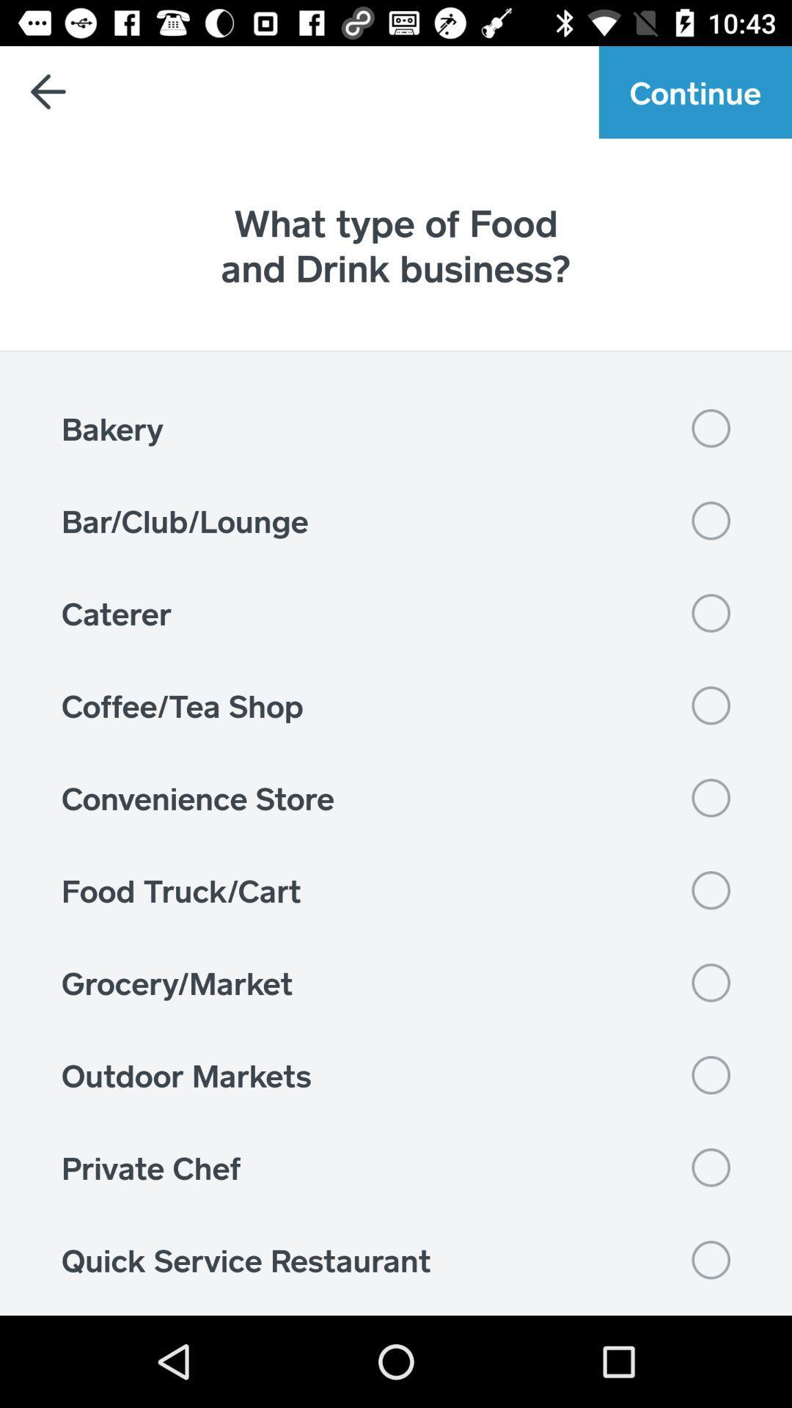 This screenshot has height=1408, width=792. What do you see at coordinates (396, 1167) in the screenshot?
I see `the item above quick service restaurant item` at bounding box center [396, 1167].